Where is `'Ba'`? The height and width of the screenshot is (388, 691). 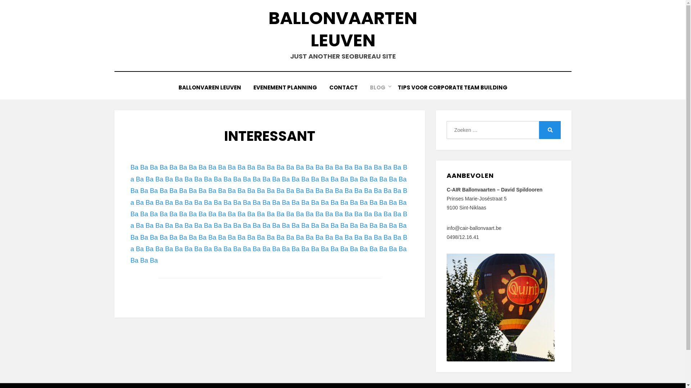
'Ba' is located at coordinates (330, 202).